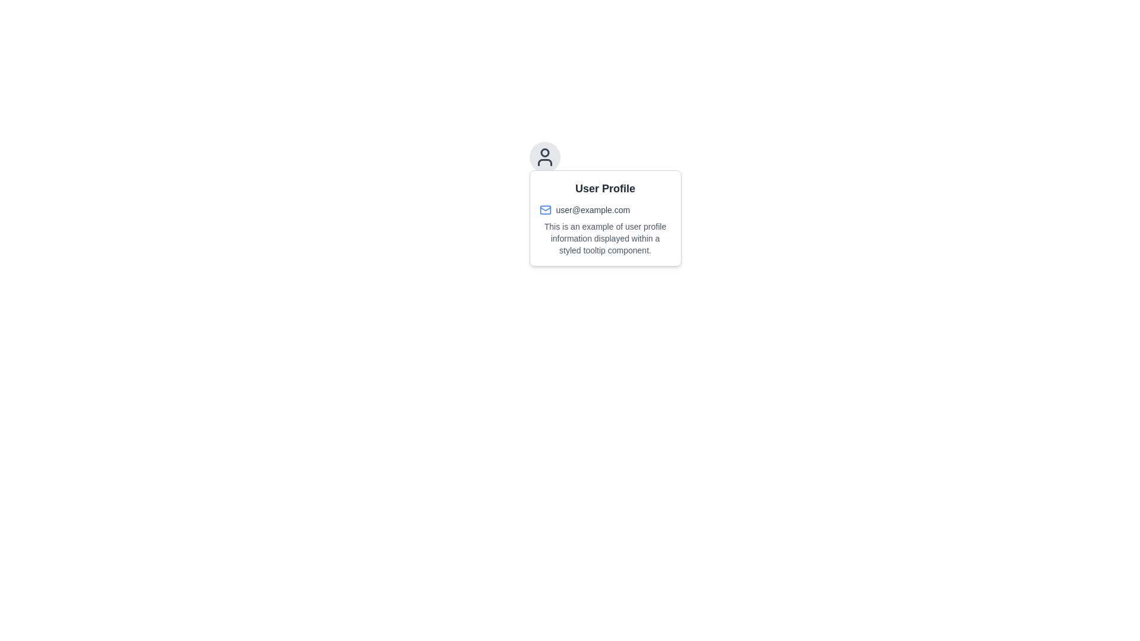  What do you see at coordinates (544, 157) in the screenshot?
I see `the circular profile icon with a gray background containing a user icon, located above the tooltip box with user information` at bounding box center [544, 157].